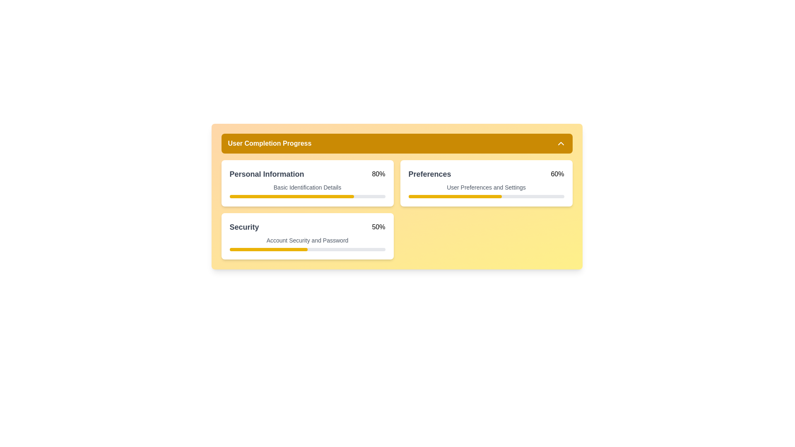 The image size is (795, 447). I want to click on the progress visually on the Progress bar indicating the completion status for the 'Security' category, so click(268, 249).